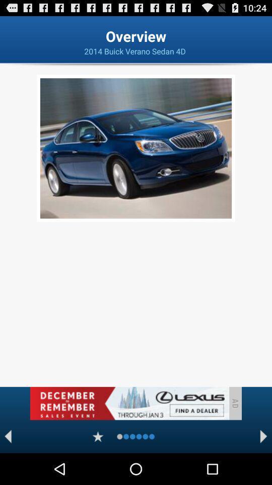  What do you see at coordinates (129, 403) in the screenshot?
I see `logo title` at bounding box center [129, 403].